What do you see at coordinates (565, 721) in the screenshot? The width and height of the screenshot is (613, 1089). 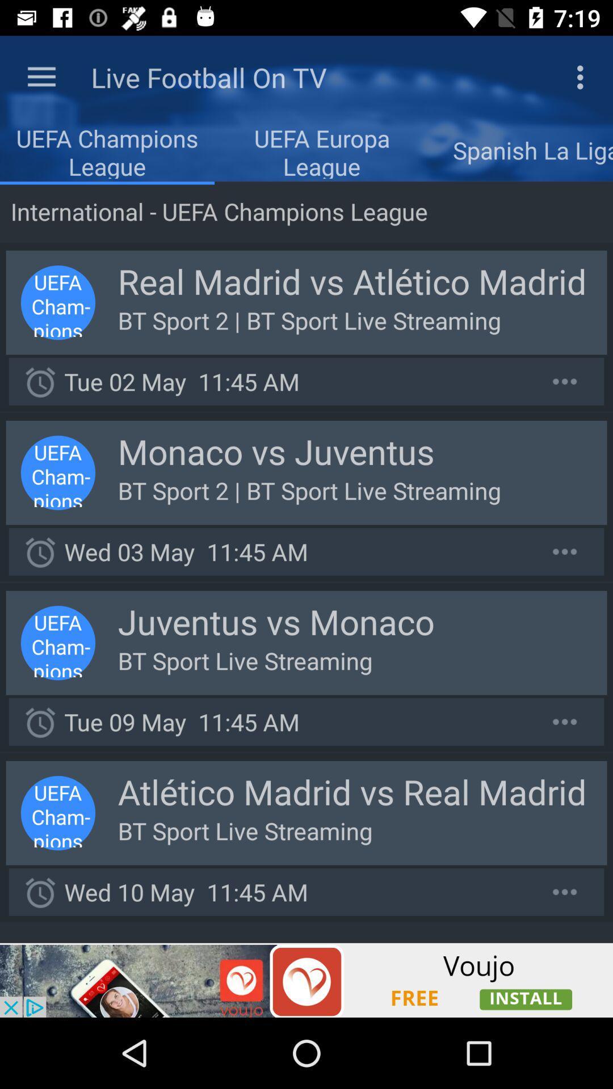 I see `setting option` at bounding box center [565, 721].